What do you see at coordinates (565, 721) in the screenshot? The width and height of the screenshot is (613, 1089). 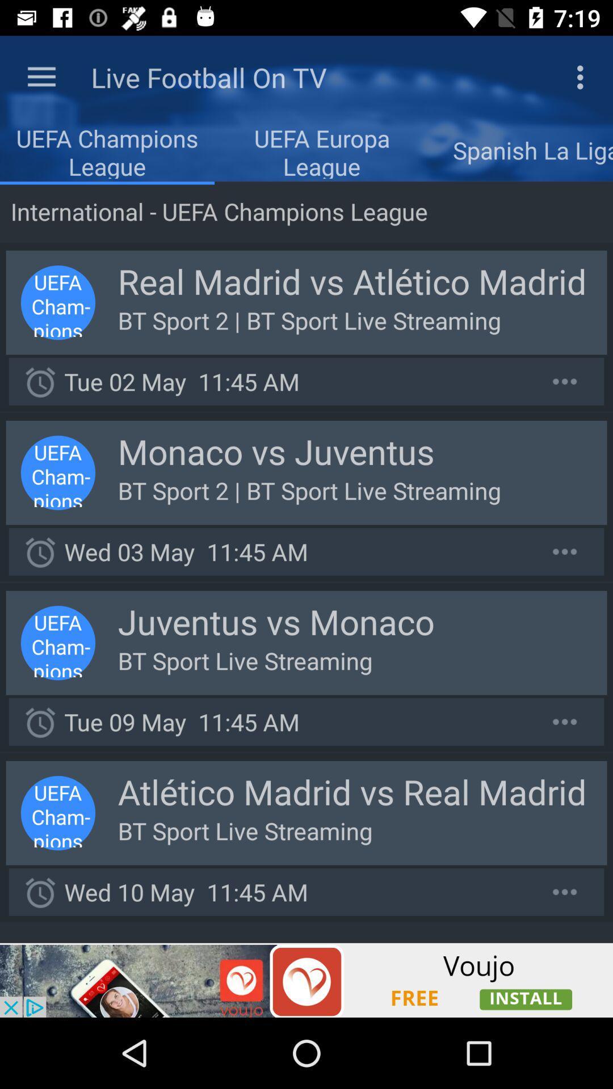 I see `setting option` at bounding box center [565, 721].